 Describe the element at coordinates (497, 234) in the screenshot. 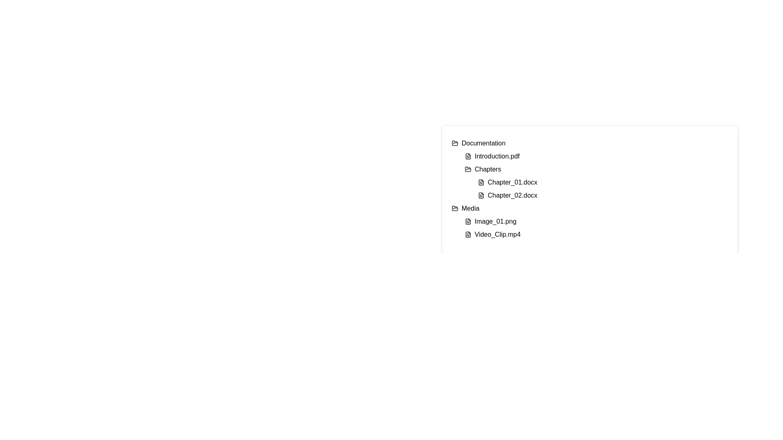

I see `the text label representing the file name 'Video_Clip.mp4'` at that location.